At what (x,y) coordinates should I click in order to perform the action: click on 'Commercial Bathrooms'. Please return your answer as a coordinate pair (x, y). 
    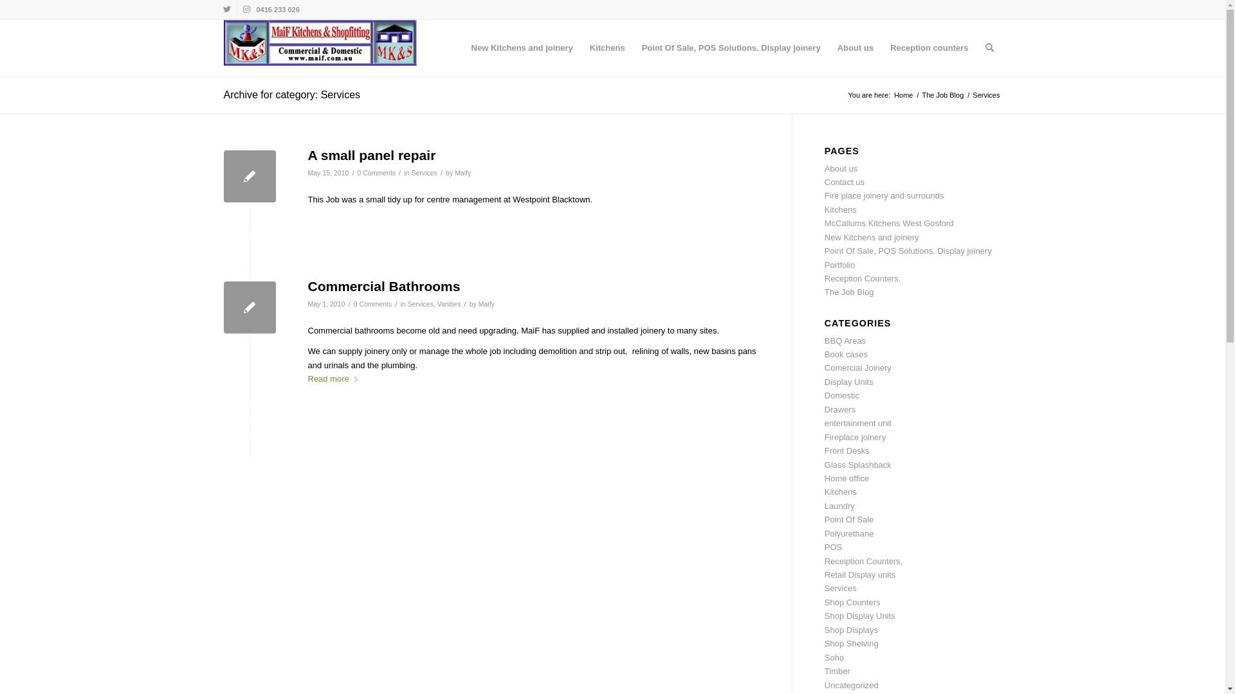
    Looking at the image, I should click on (383, 285).